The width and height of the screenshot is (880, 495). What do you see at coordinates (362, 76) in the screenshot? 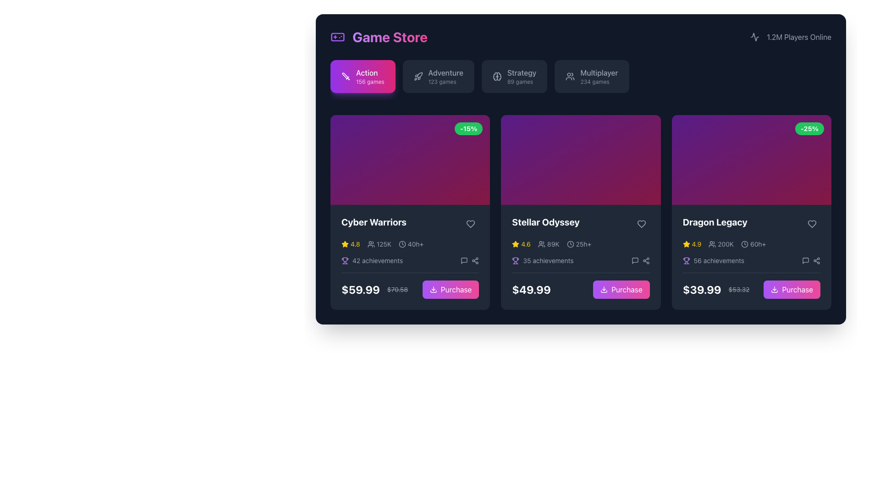
I see `the 'Action' category button located at the top-left corner of the game store interface` at bounding box center [362, 76].